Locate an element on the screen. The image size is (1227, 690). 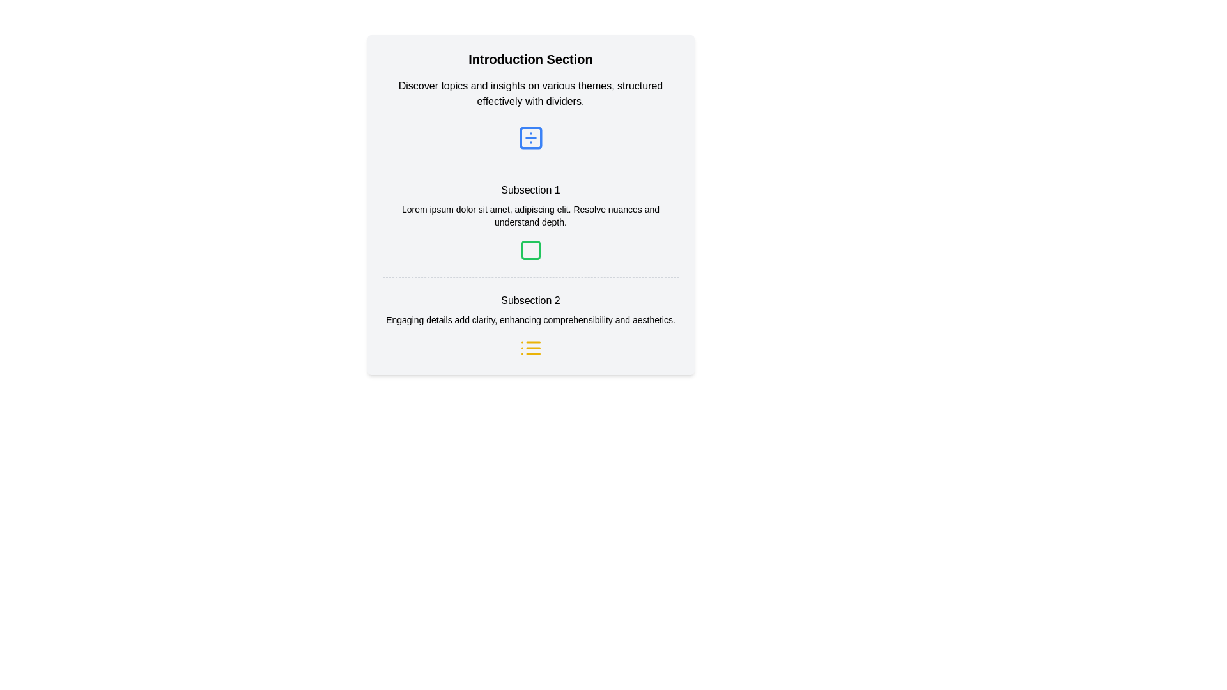
the yellow list icon located centrally beneath the text 'Subsection 2', which is positioned directly below the descriptive text 'Engaging details add clarity, enhancing comprehensibility and aesthetics.' is located at coordinates (530, 348).